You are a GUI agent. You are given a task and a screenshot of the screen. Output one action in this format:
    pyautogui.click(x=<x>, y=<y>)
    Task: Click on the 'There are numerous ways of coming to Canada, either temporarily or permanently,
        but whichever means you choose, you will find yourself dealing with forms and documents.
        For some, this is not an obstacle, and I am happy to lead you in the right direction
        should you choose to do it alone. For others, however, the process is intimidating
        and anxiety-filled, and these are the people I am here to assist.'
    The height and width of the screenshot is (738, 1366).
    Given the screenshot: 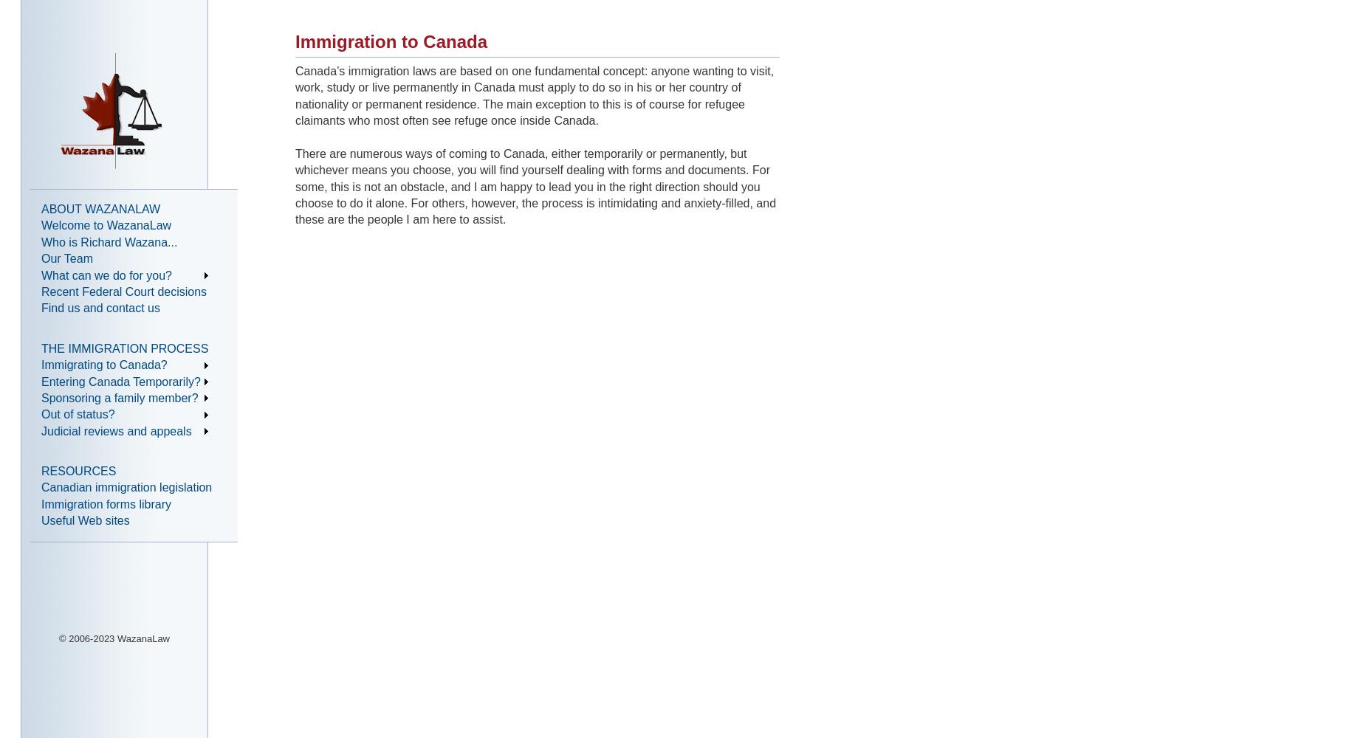 What is the action you would take?
    pyautogui.click(x=294, y=186)
    